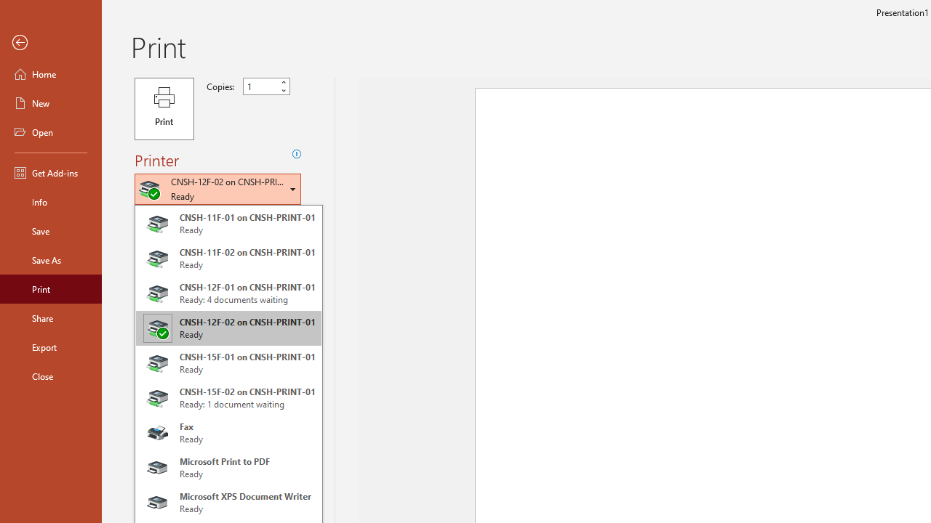 The height and width of the screenshot is (523, 931). What do you see at coordinates (50, 201) in the screenshot?
I see `'Info'` at bounding box center [50, 201].